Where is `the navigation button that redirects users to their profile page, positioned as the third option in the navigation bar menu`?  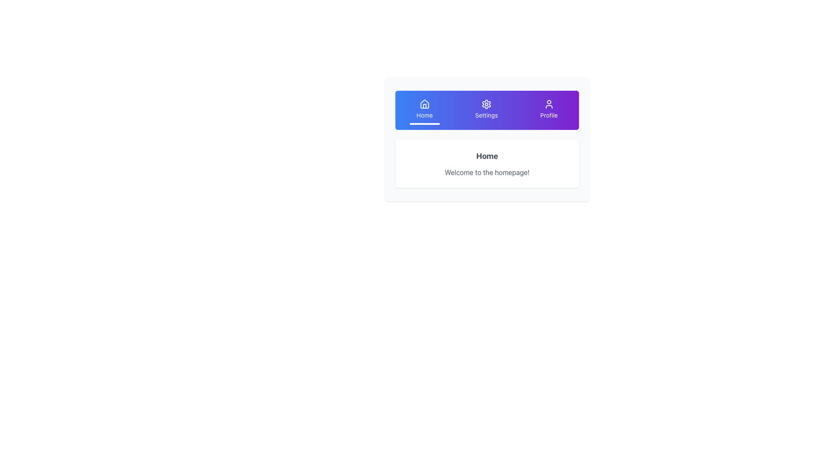
the navigation button that redirects users to their profile page, positioned as the third option in the navigation bar menu is located at coordinates (549, 109).